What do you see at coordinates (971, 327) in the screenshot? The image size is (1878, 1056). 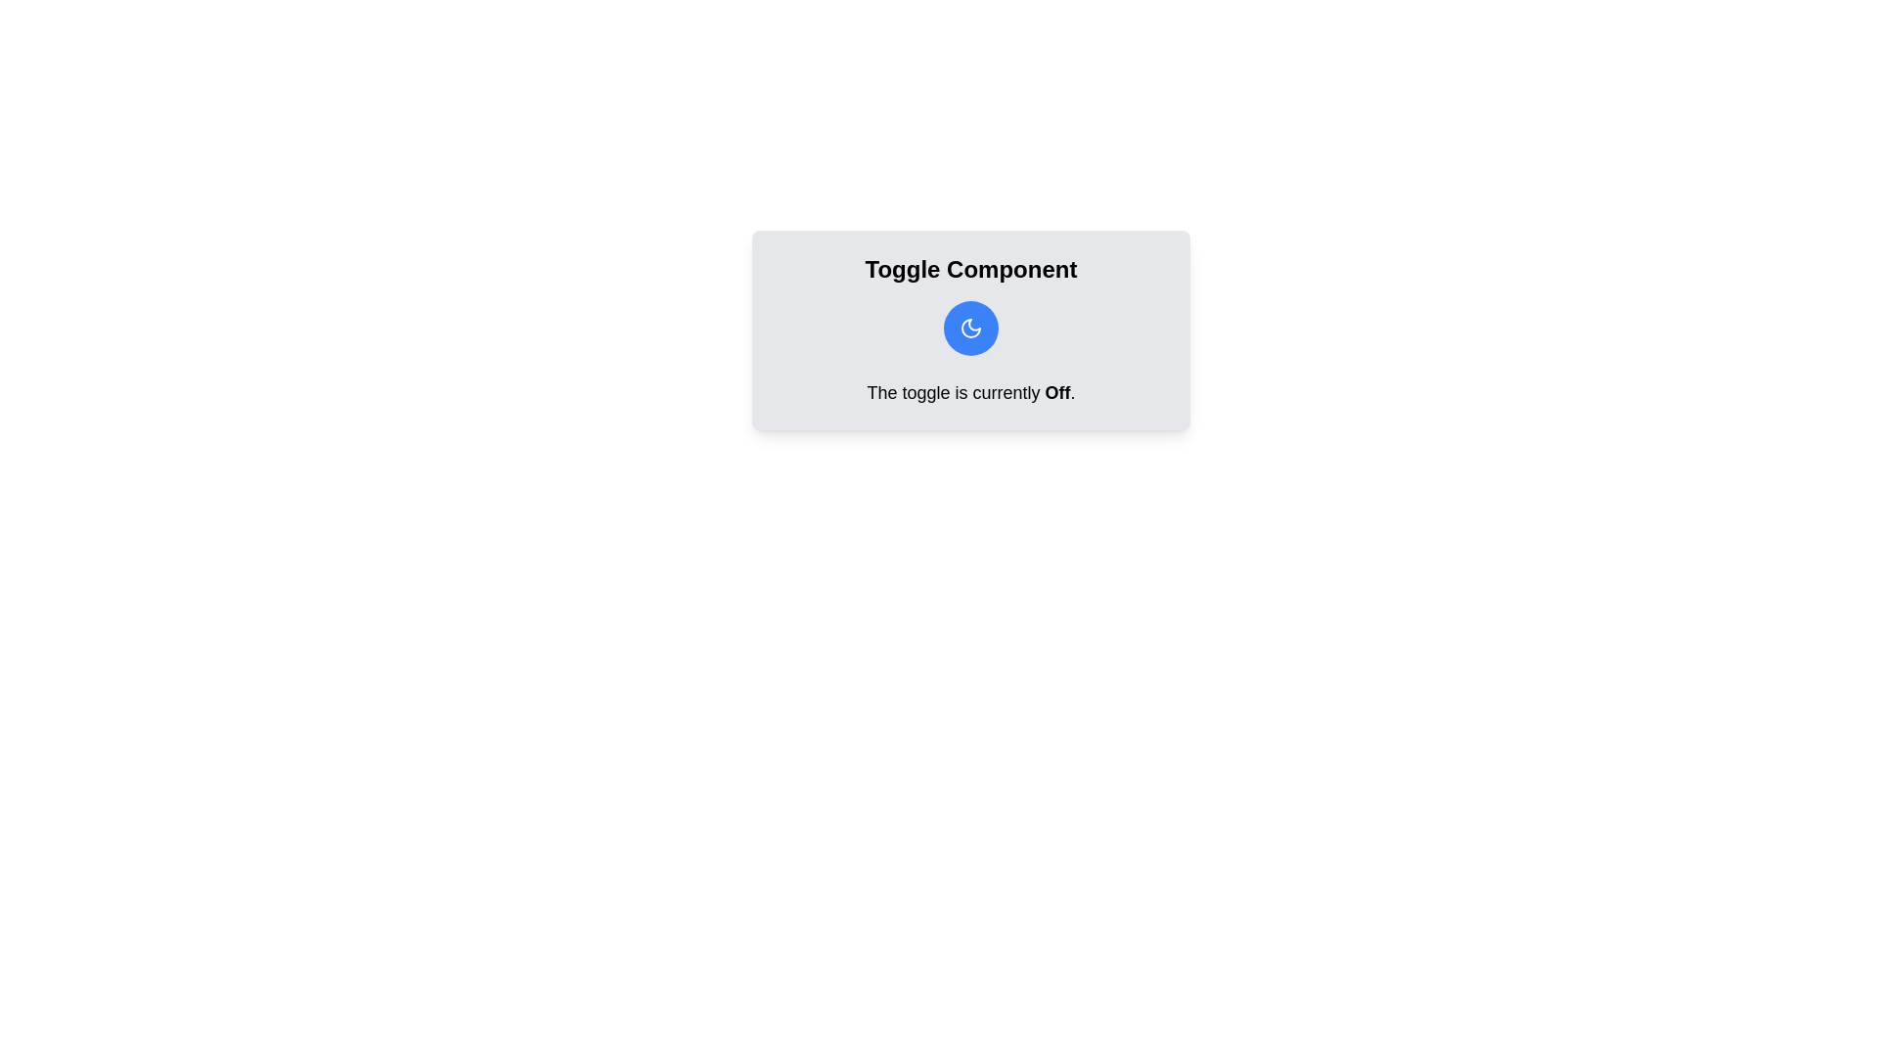 I see `toggle button to switch its state` at bounding box center [971, 327].